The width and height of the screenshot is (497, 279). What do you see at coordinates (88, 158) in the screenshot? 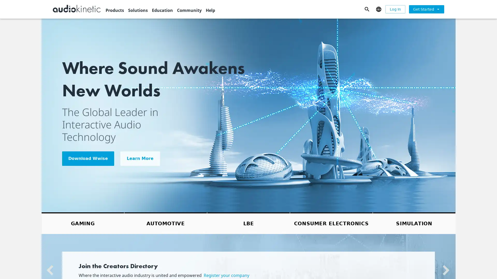
I see `Download Wwise` at bounding box center [88, 158].